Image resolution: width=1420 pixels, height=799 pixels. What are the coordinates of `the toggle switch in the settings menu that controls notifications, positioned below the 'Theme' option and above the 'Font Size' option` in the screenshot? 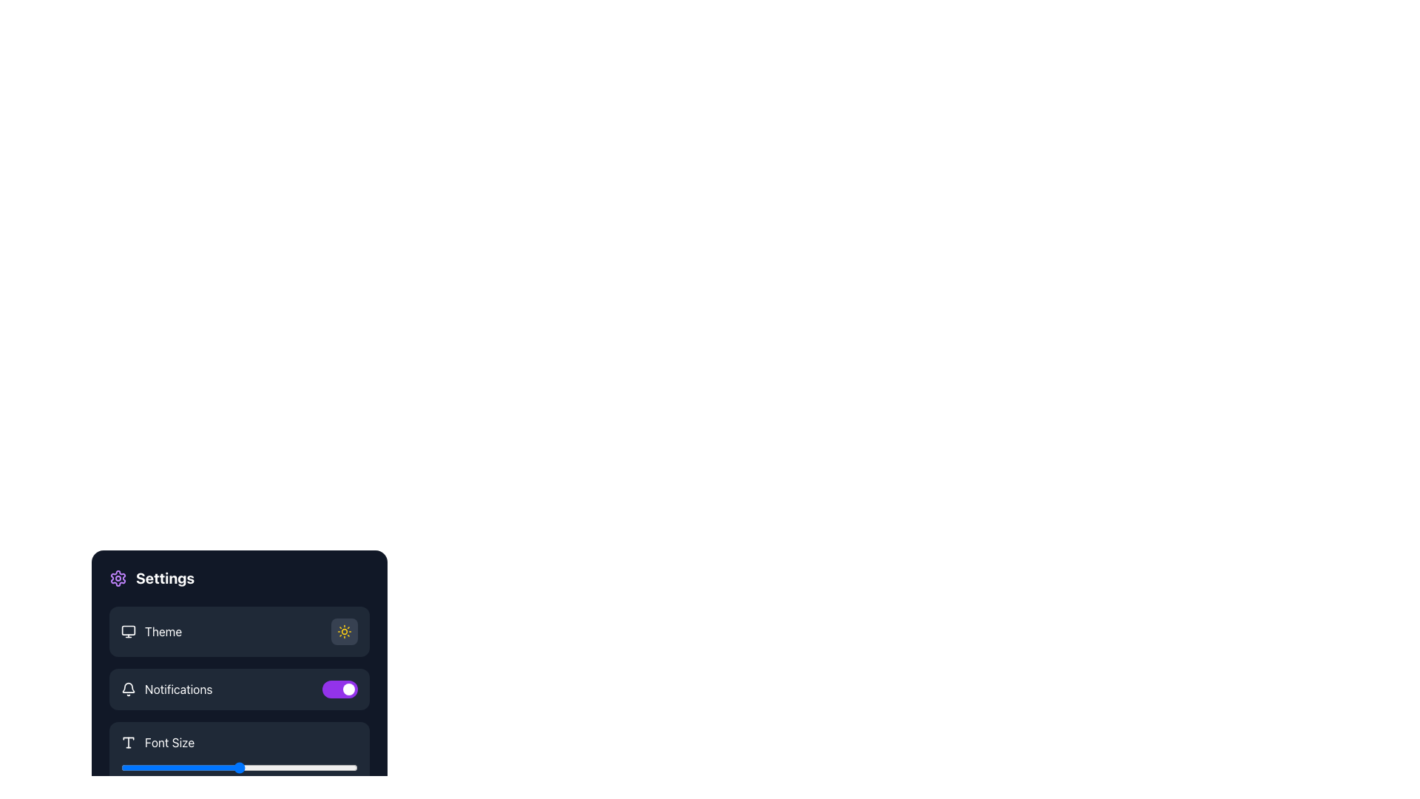 It's located at (240, 690).